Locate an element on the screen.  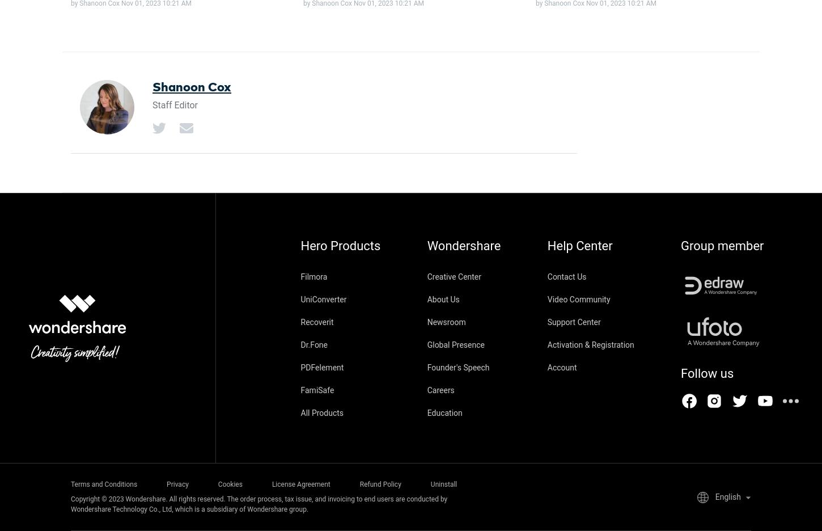
'Support Center' is located at coordinates (546, 321).